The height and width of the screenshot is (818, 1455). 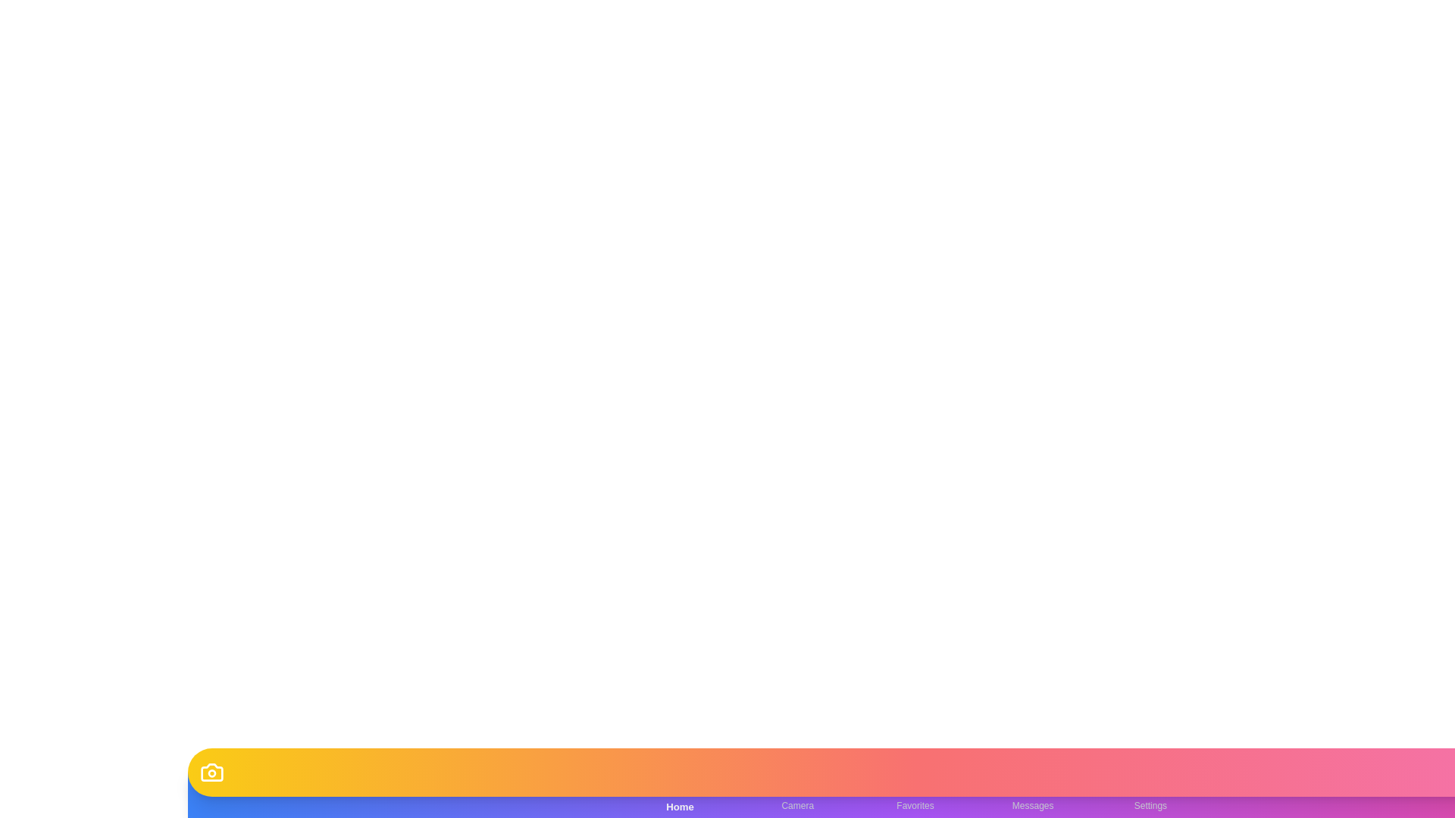 I want to click on the Settings tab in the bottom navigation bar, so click(x=1150, y=794).